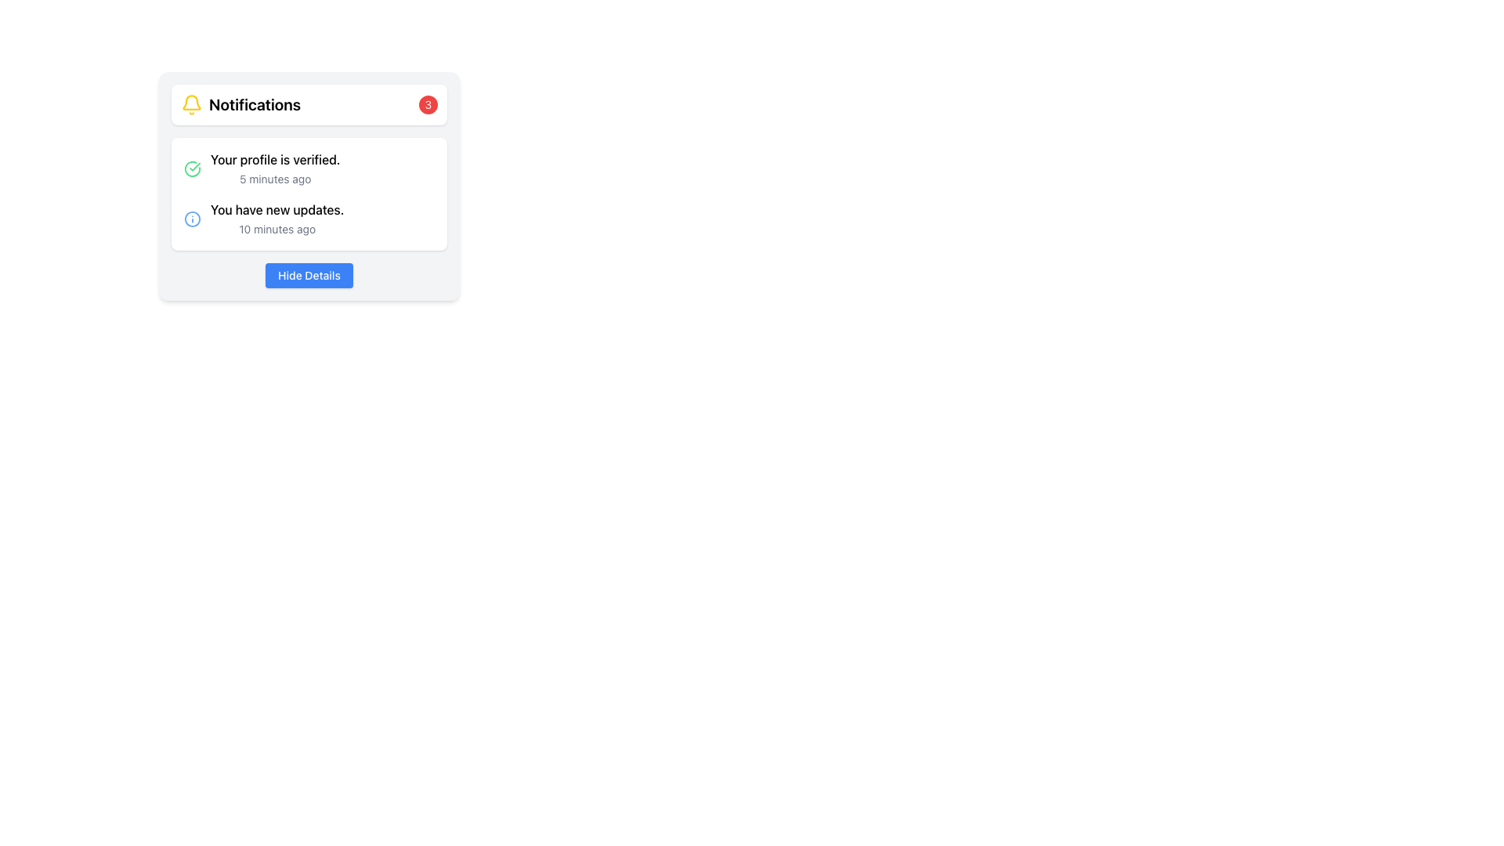  Describe the element at coordinates (191, 219) in the screenshot. I see `the circular icon with a blue outline and centered dot, located to the immediate left of the text 'You have new updates.'` at that location.